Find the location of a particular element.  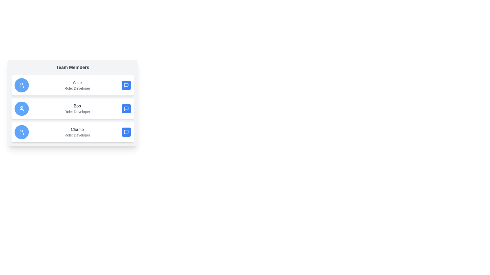

the static text label indicating the role of the team member, located below 'Bob' in the third row of the list of members is located at coordinates (77, 112).